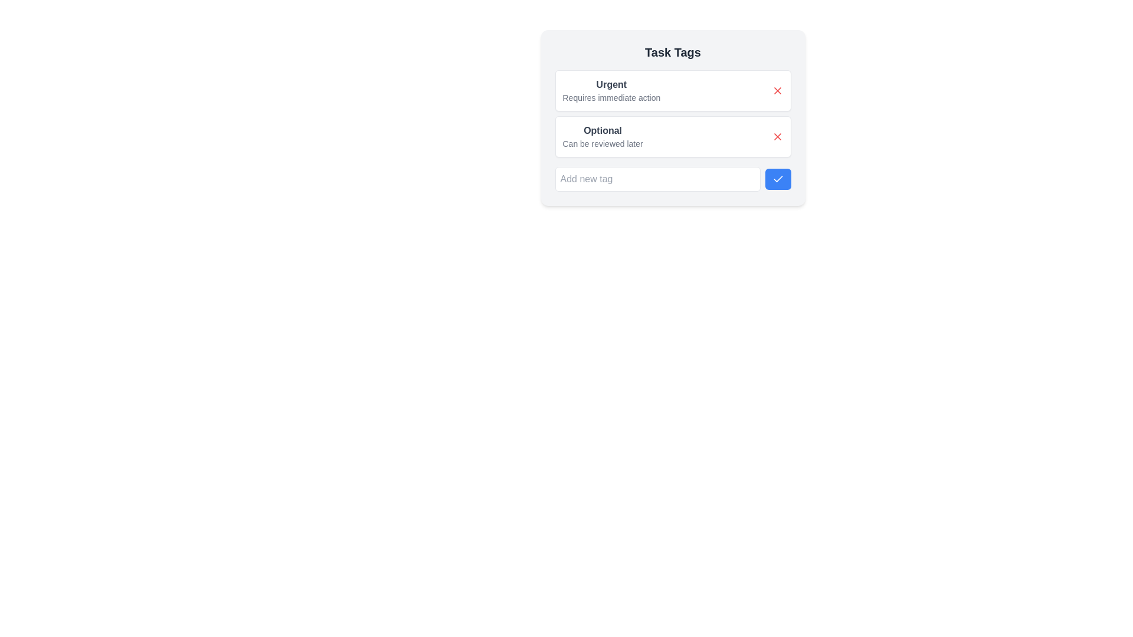  I want to click on the close or delete button located at the rightmost area of the 'Optional' task tag, so click(777, 136).